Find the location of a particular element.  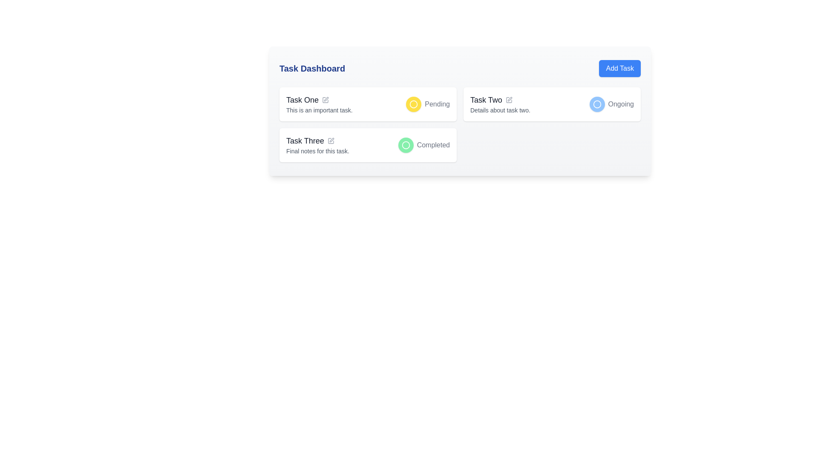

the circular button with a light blue background located to the left of the text 'Ongoing' for accessibility interaction is located at coordinates (596, 104).